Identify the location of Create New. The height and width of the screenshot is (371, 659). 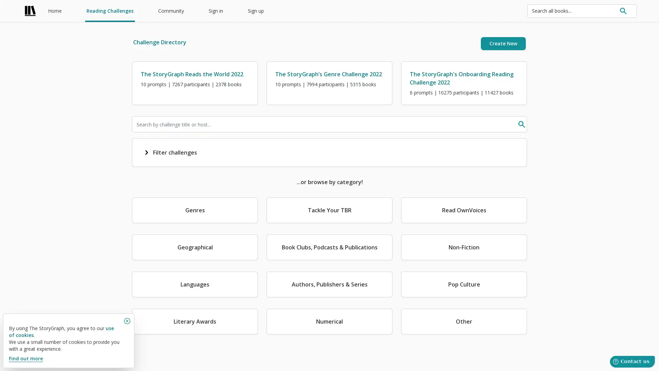
(503, 44).